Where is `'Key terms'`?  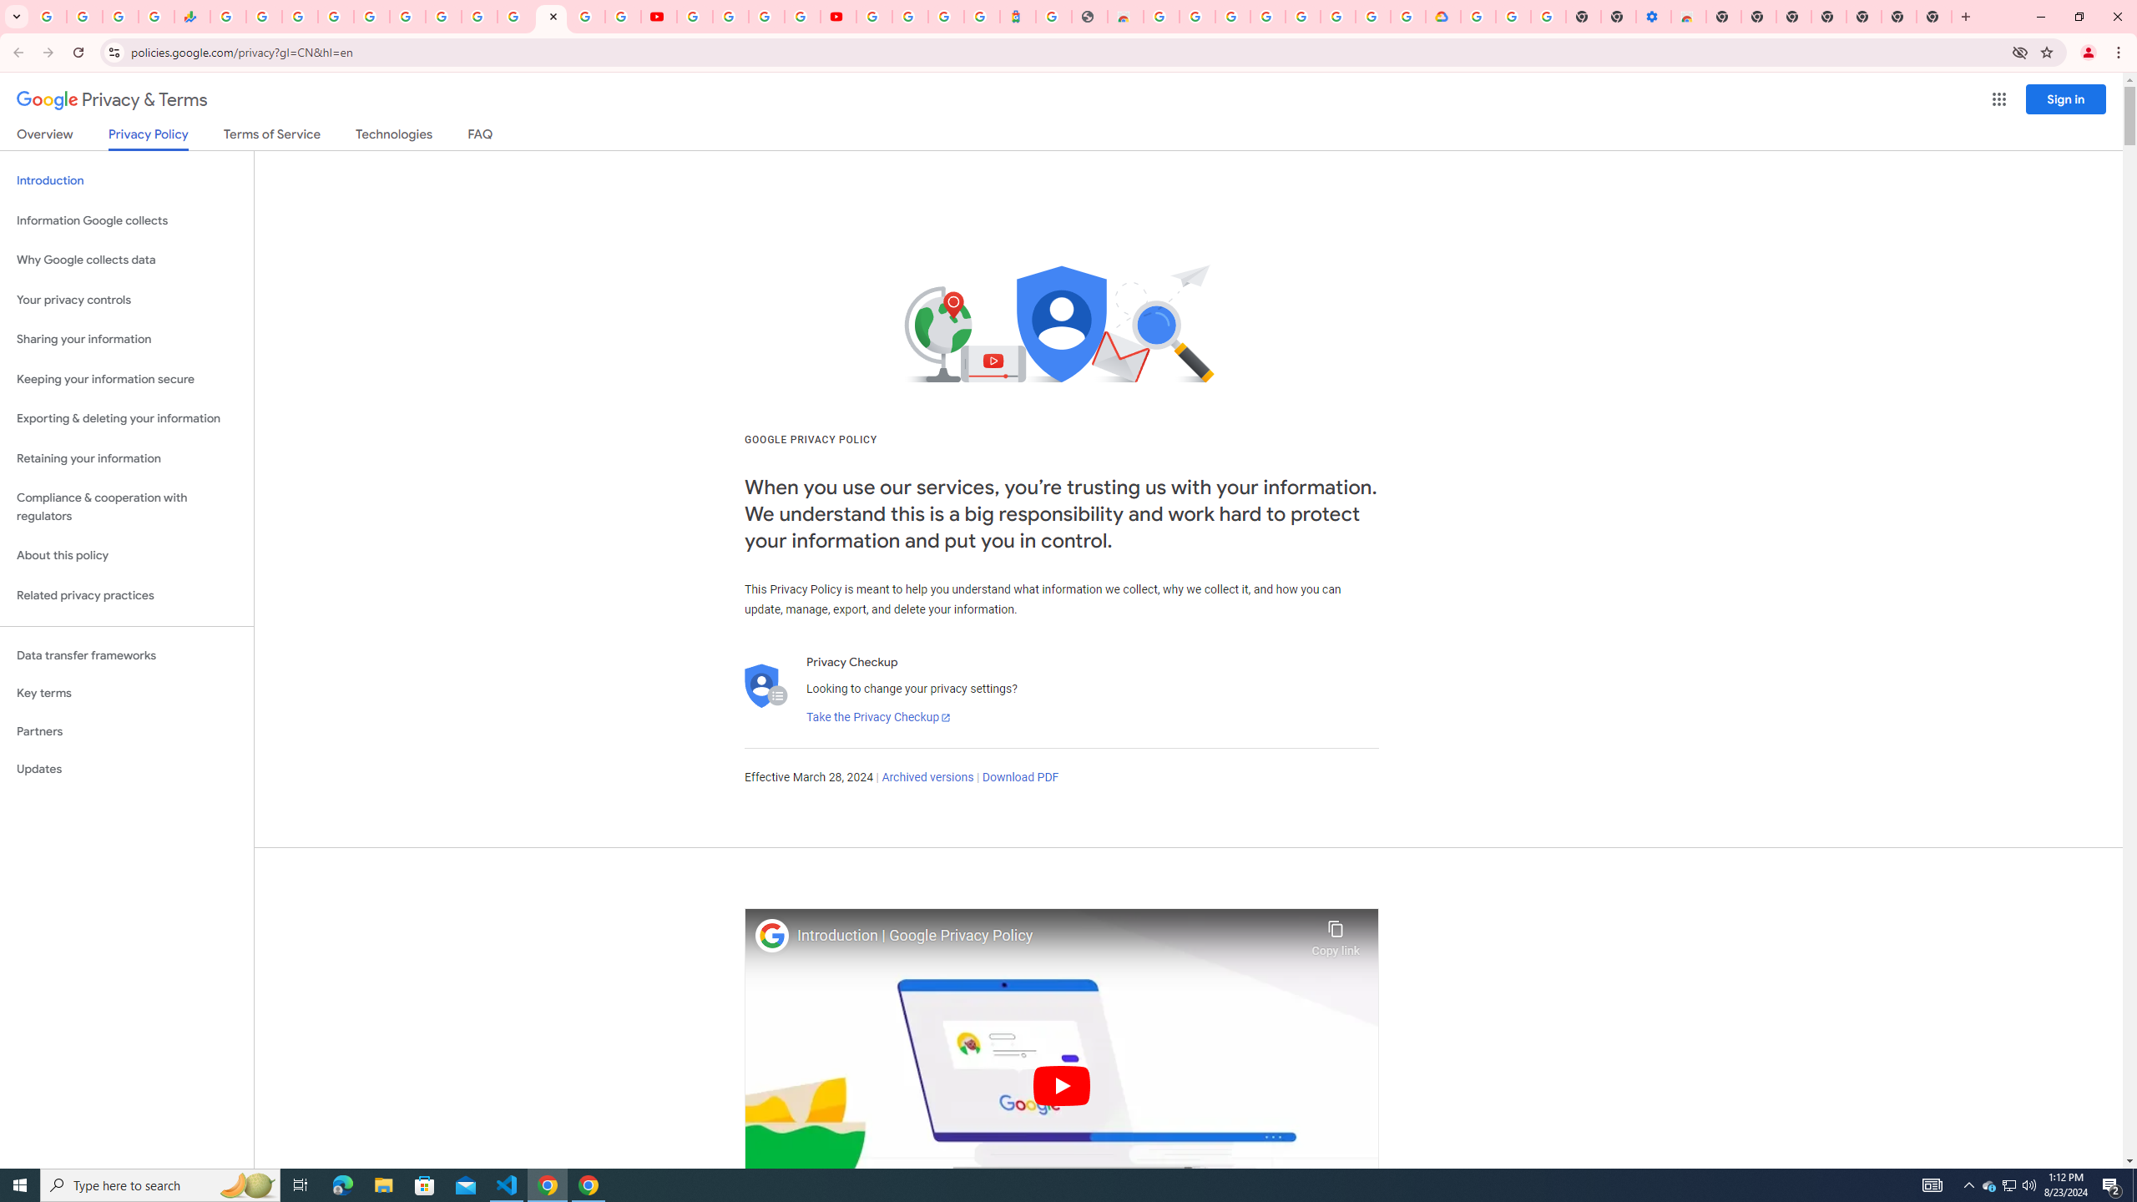 'Key terms' is located at coordinates (126, 693).